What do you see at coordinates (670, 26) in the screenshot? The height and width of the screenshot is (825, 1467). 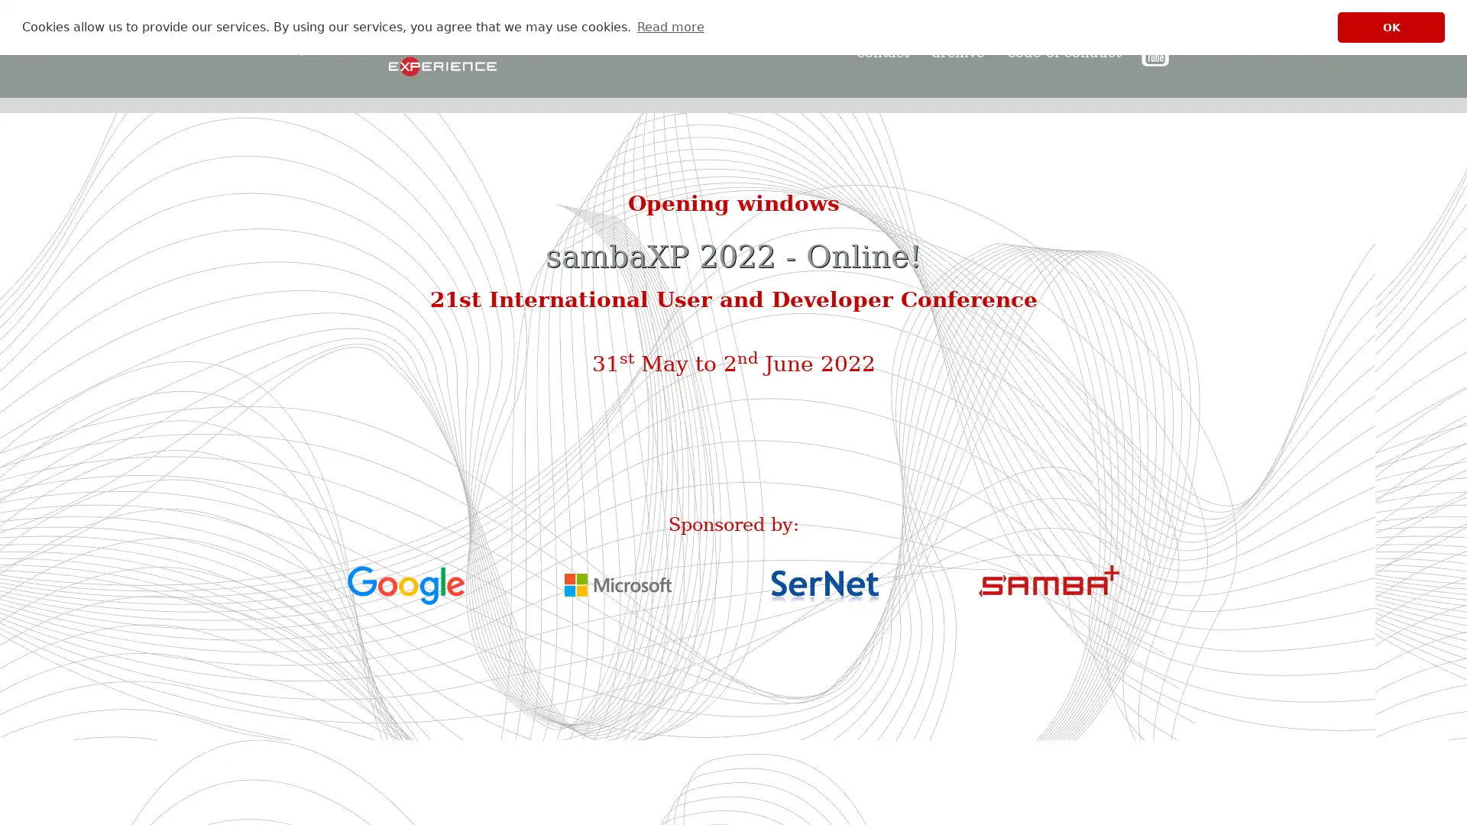 I see `learn more about cookies` at bounding box center [670, 26].